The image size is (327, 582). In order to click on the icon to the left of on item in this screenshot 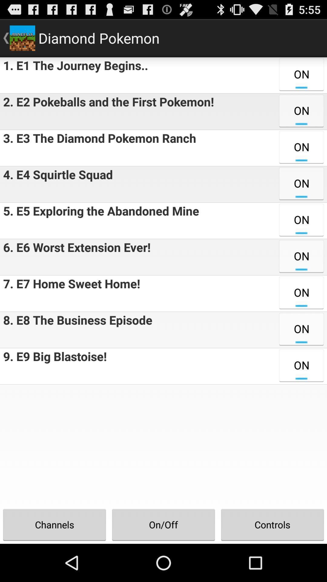, I will do `click(56, 184)`.